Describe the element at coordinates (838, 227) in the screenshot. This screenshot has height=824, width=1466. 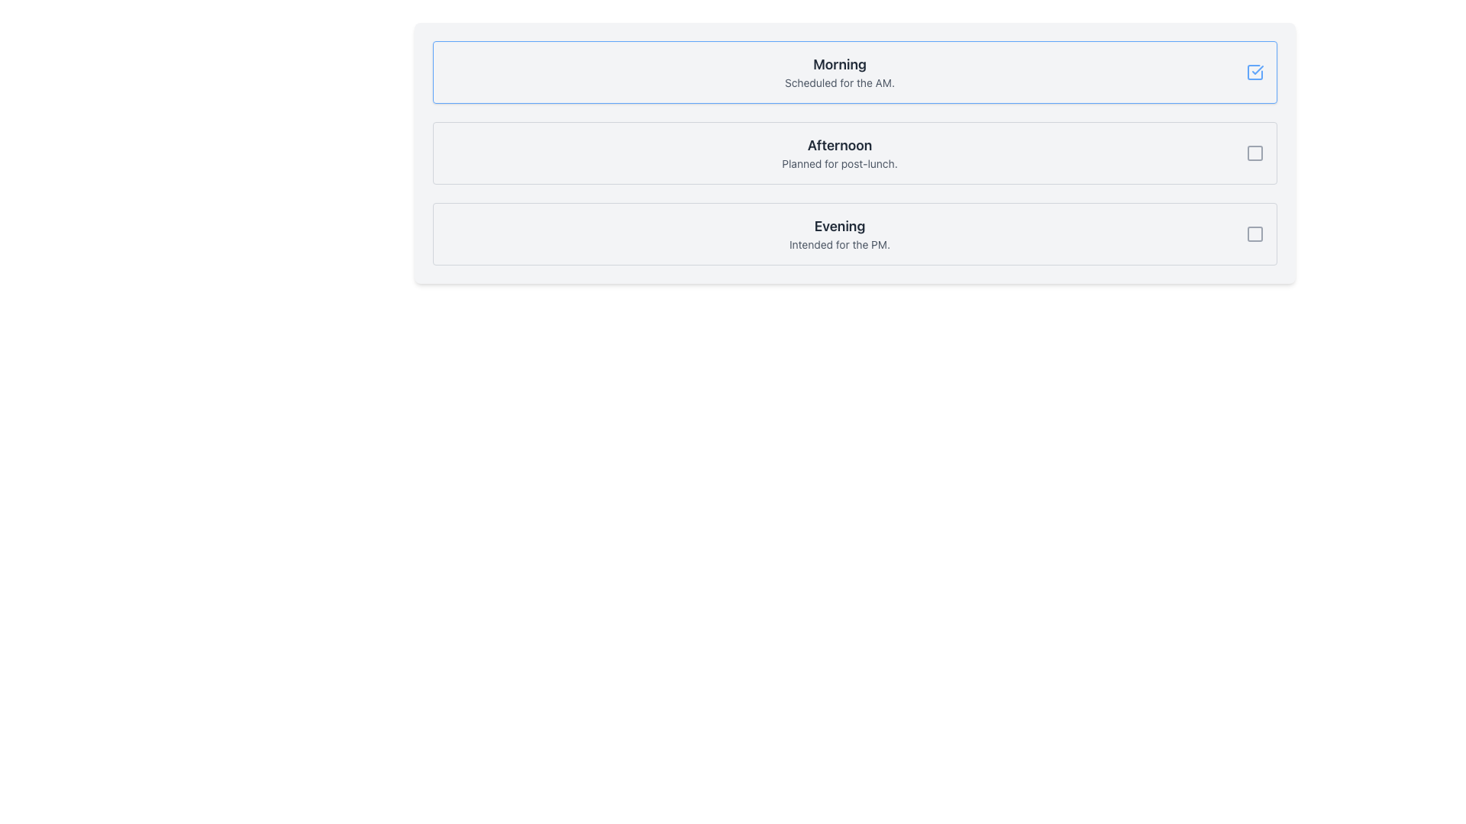
I see `the text label styled as a heading, which serves as a title summarizing the evening content in the third section of a vertically stacked list` at that location.